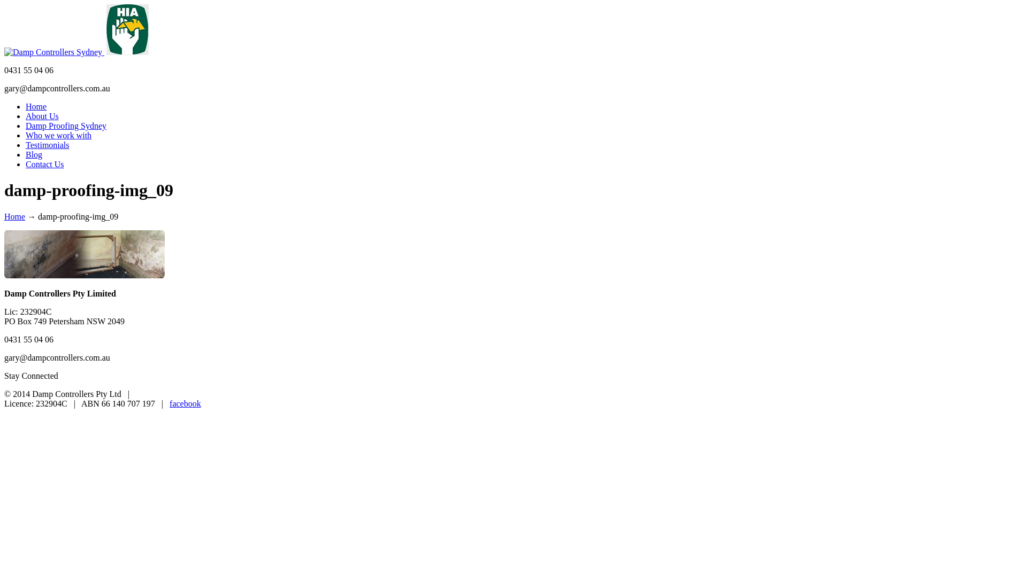 The image size is (1027, 577). Describe the element at coordinates (26, 125) in the screenshot. I see `'Damp Proofing Sydney'` at that location.